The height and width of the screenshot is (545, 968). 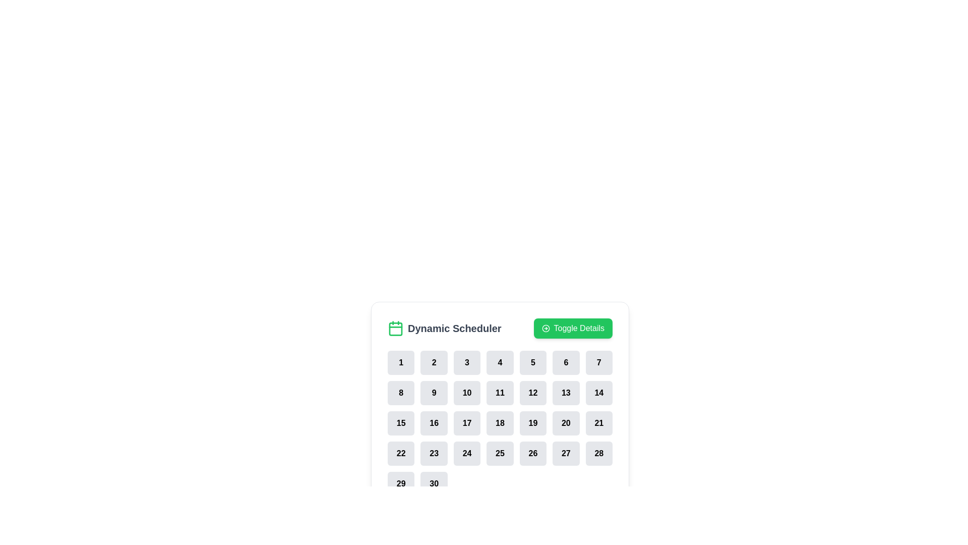 What do you see at coordinates (466, 362) in the screenshot?
I see `the third button in a horizontally arranged row of seven buttons` at bounding box center [466, 362].